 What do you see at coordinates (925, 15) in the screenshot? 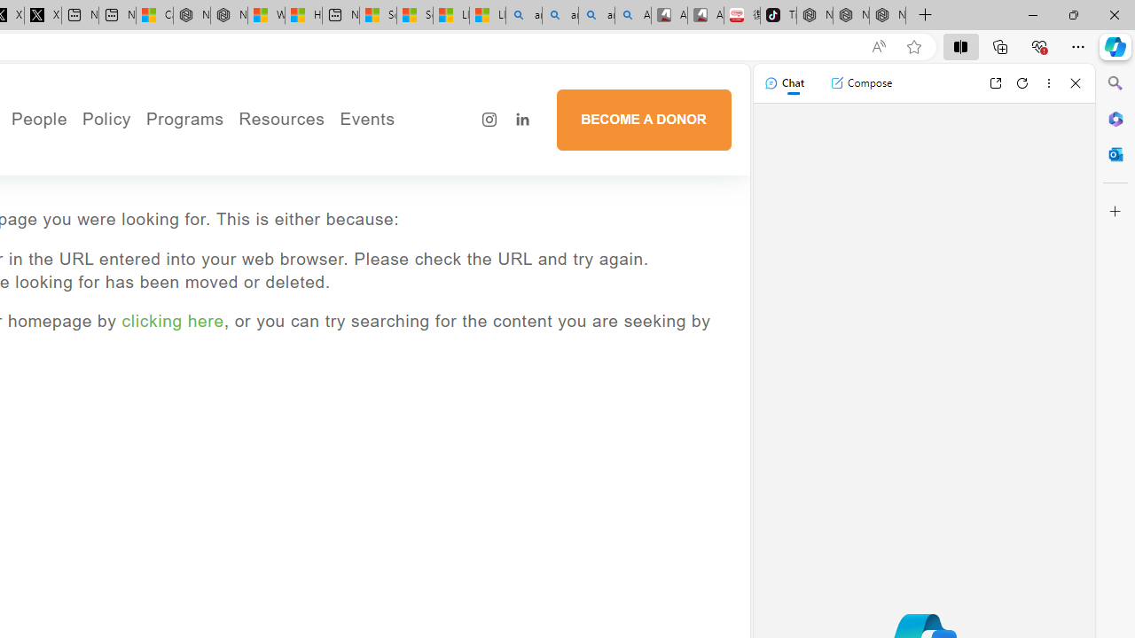
I see `'New Tab'` at bounding box center [925, 15].